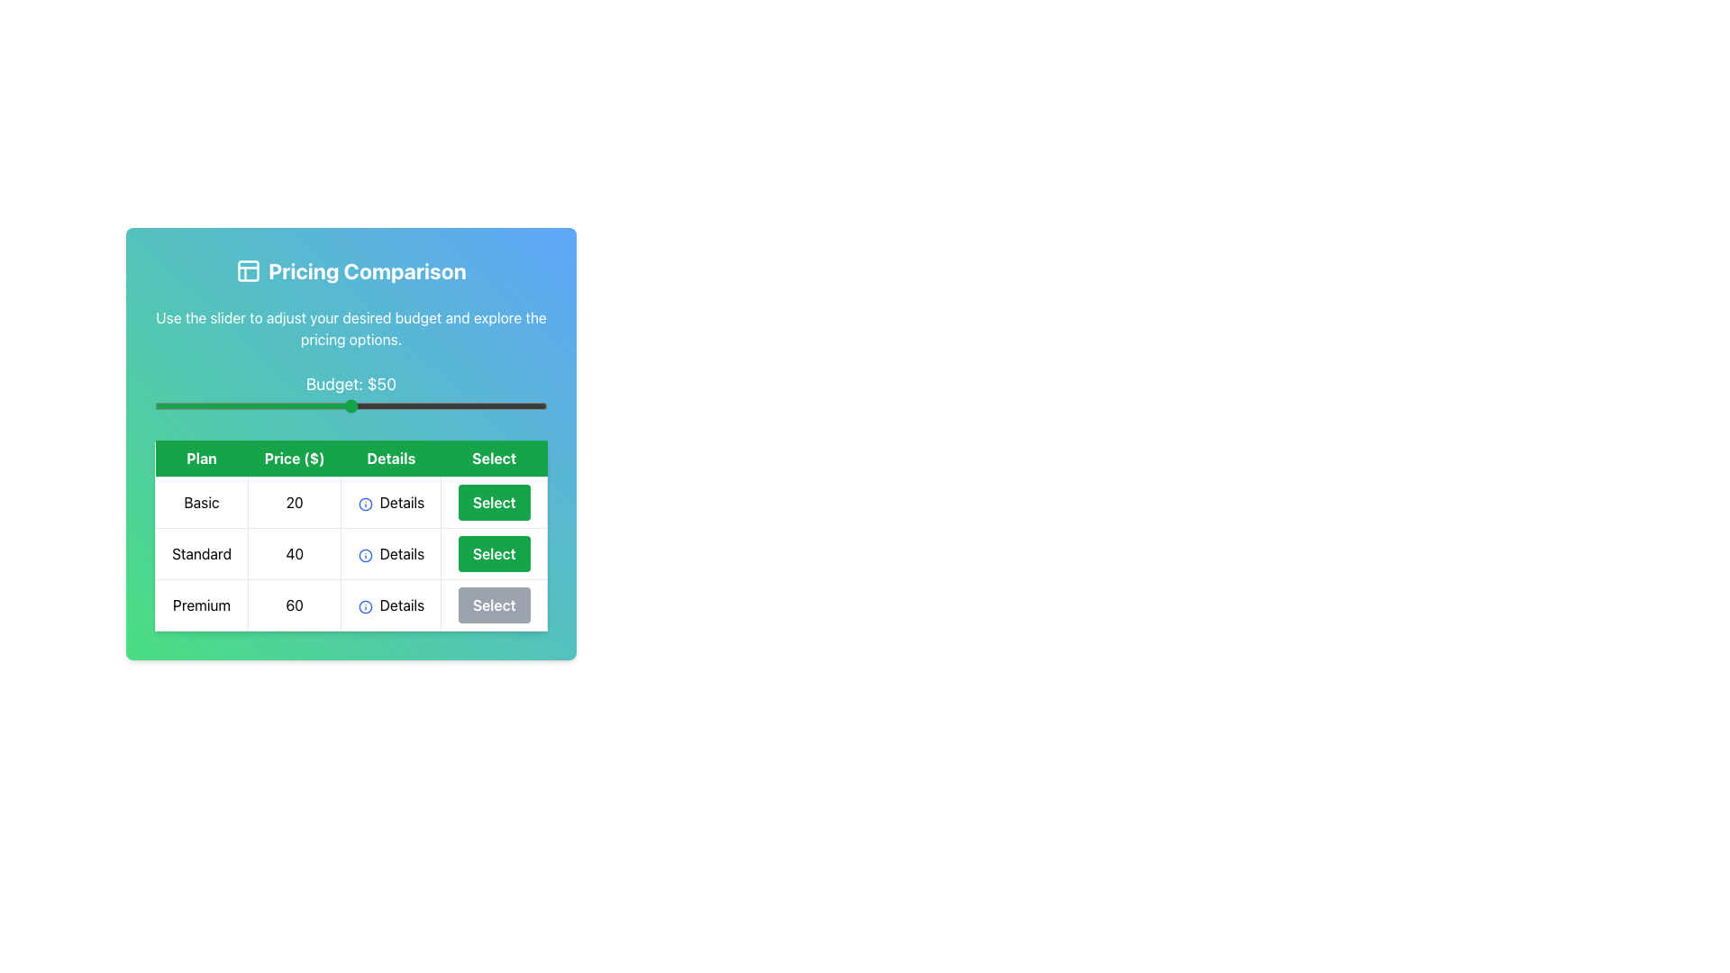  Describe the element at coordinates (351, 605) in the screenshot. I see `the 'Details' link in the third row of the pricing comparison table` at that location.